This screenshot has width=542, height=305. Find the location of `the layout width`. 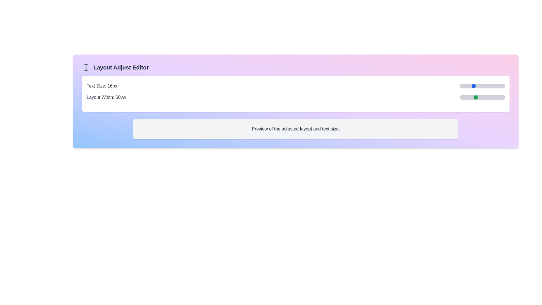

the layout width is located at coordinates (467, 97).